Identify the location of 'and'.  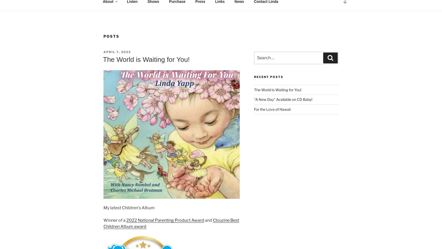
(208, 220).